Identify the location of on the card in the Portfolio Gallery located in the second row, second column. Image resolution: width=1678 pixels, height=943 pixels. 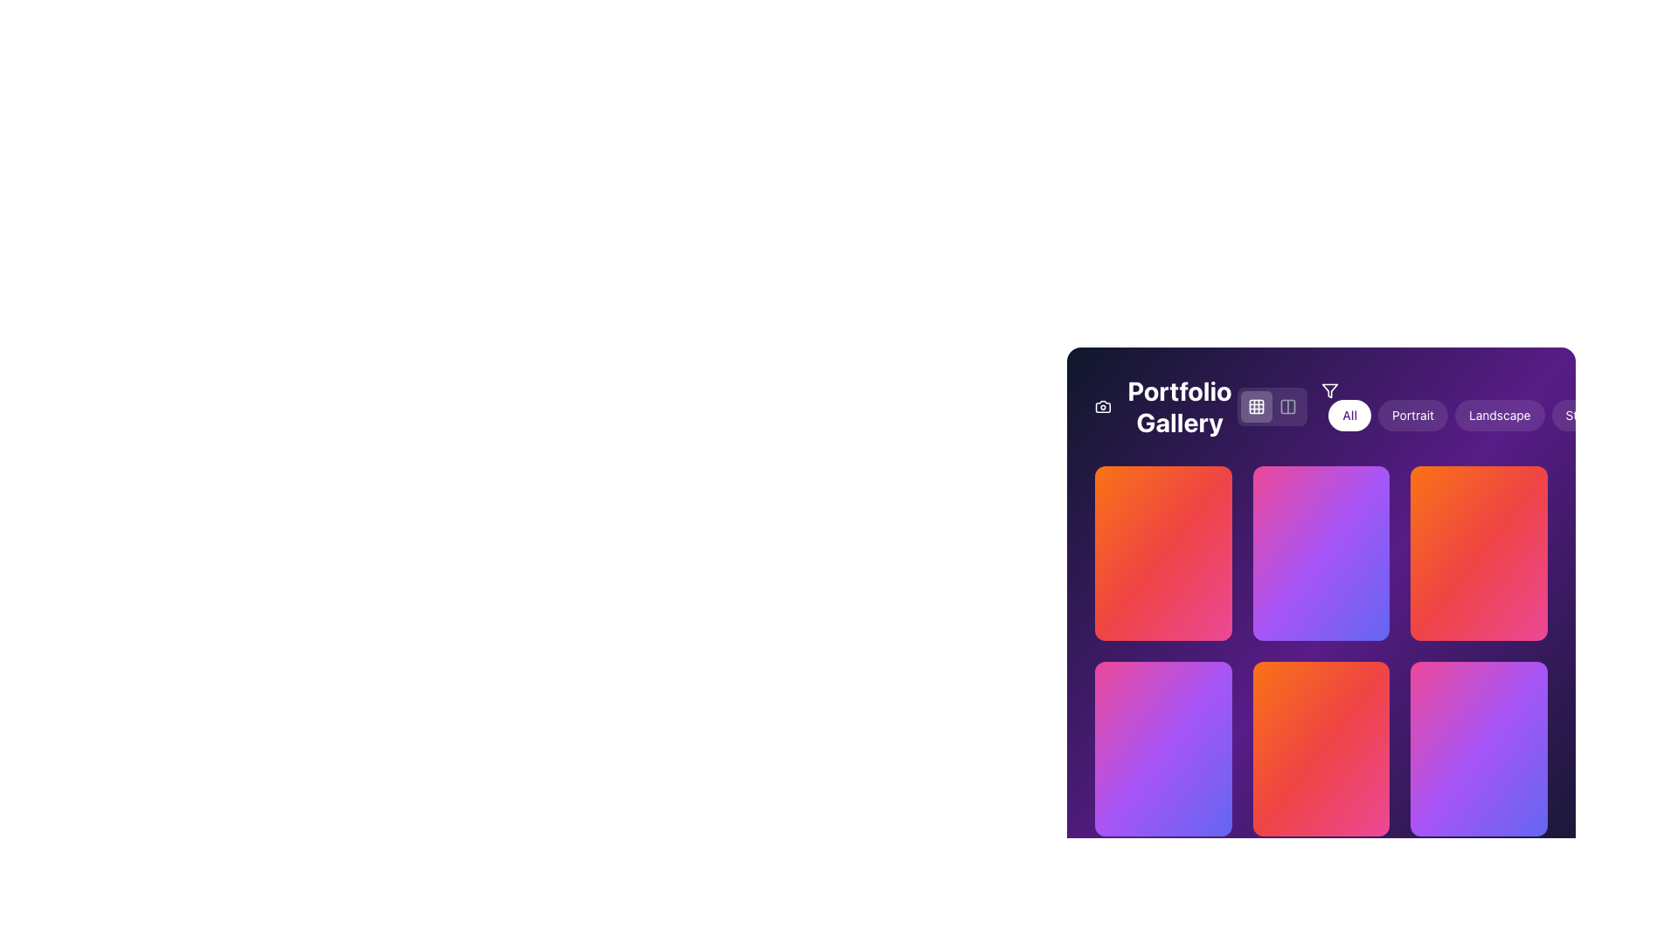
(1321, 747).